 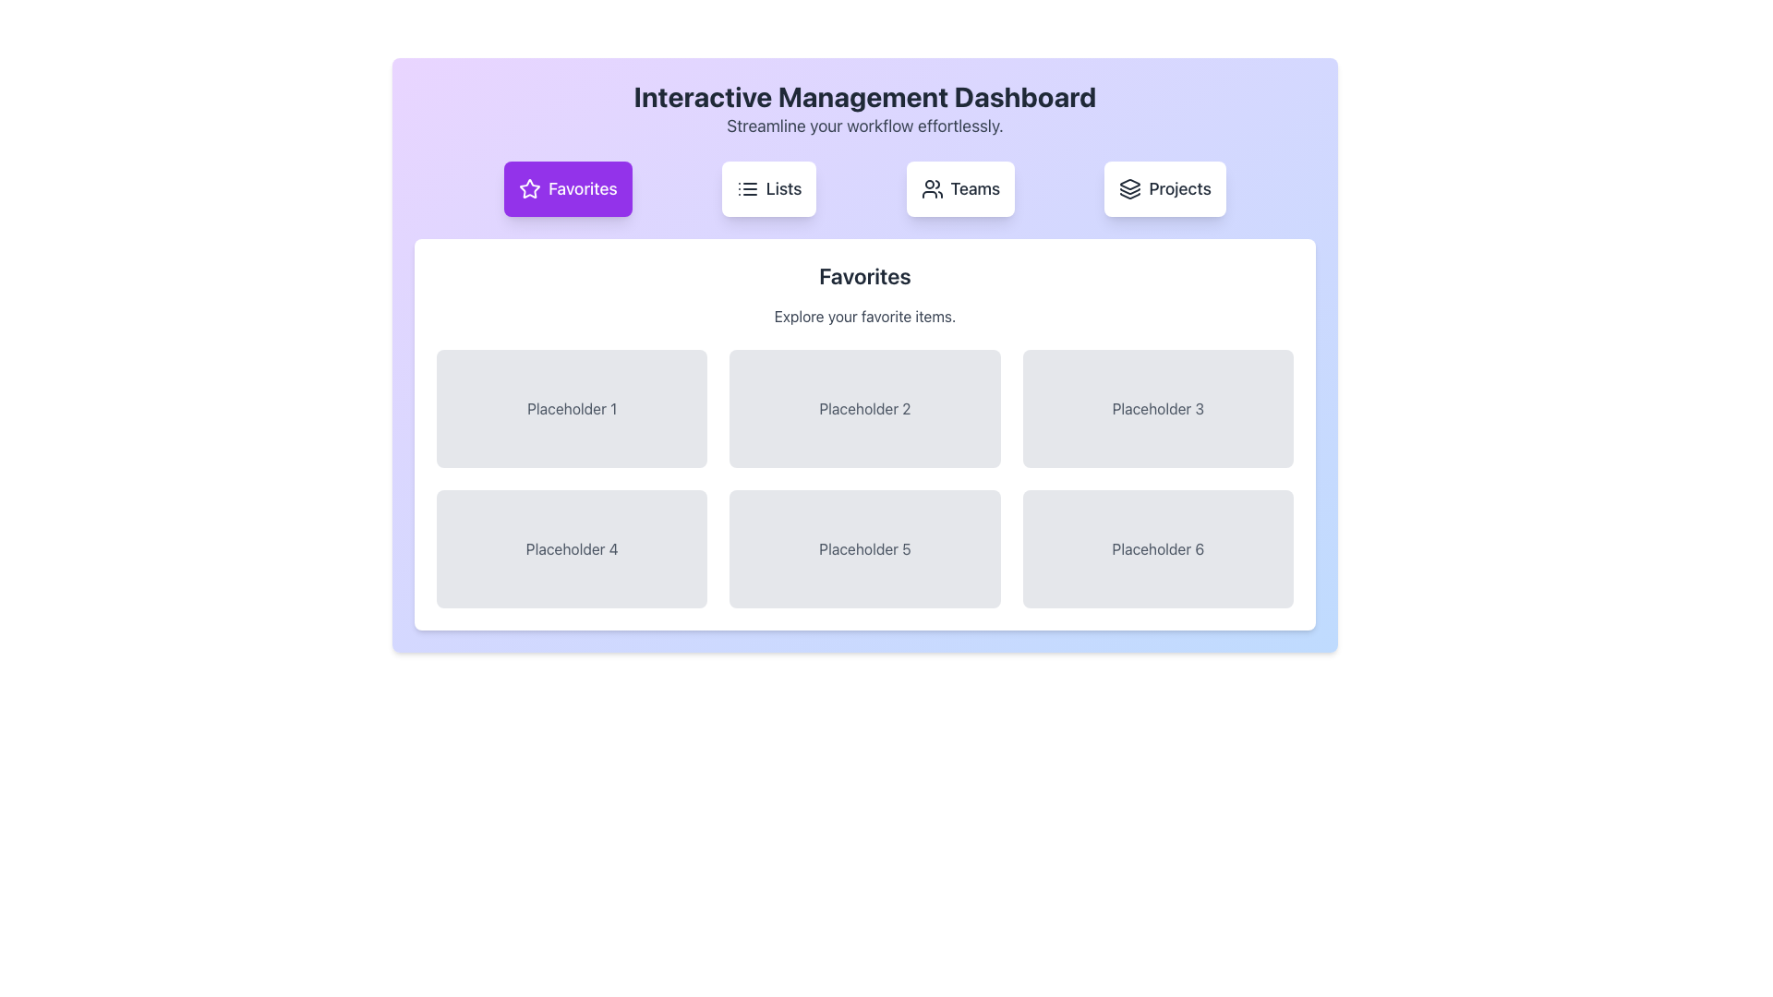 What do you see at coordinates (960, 188) in the screenshot?
I see `the 'Teams' button with an icon and text` at bounding box center [960, 188].